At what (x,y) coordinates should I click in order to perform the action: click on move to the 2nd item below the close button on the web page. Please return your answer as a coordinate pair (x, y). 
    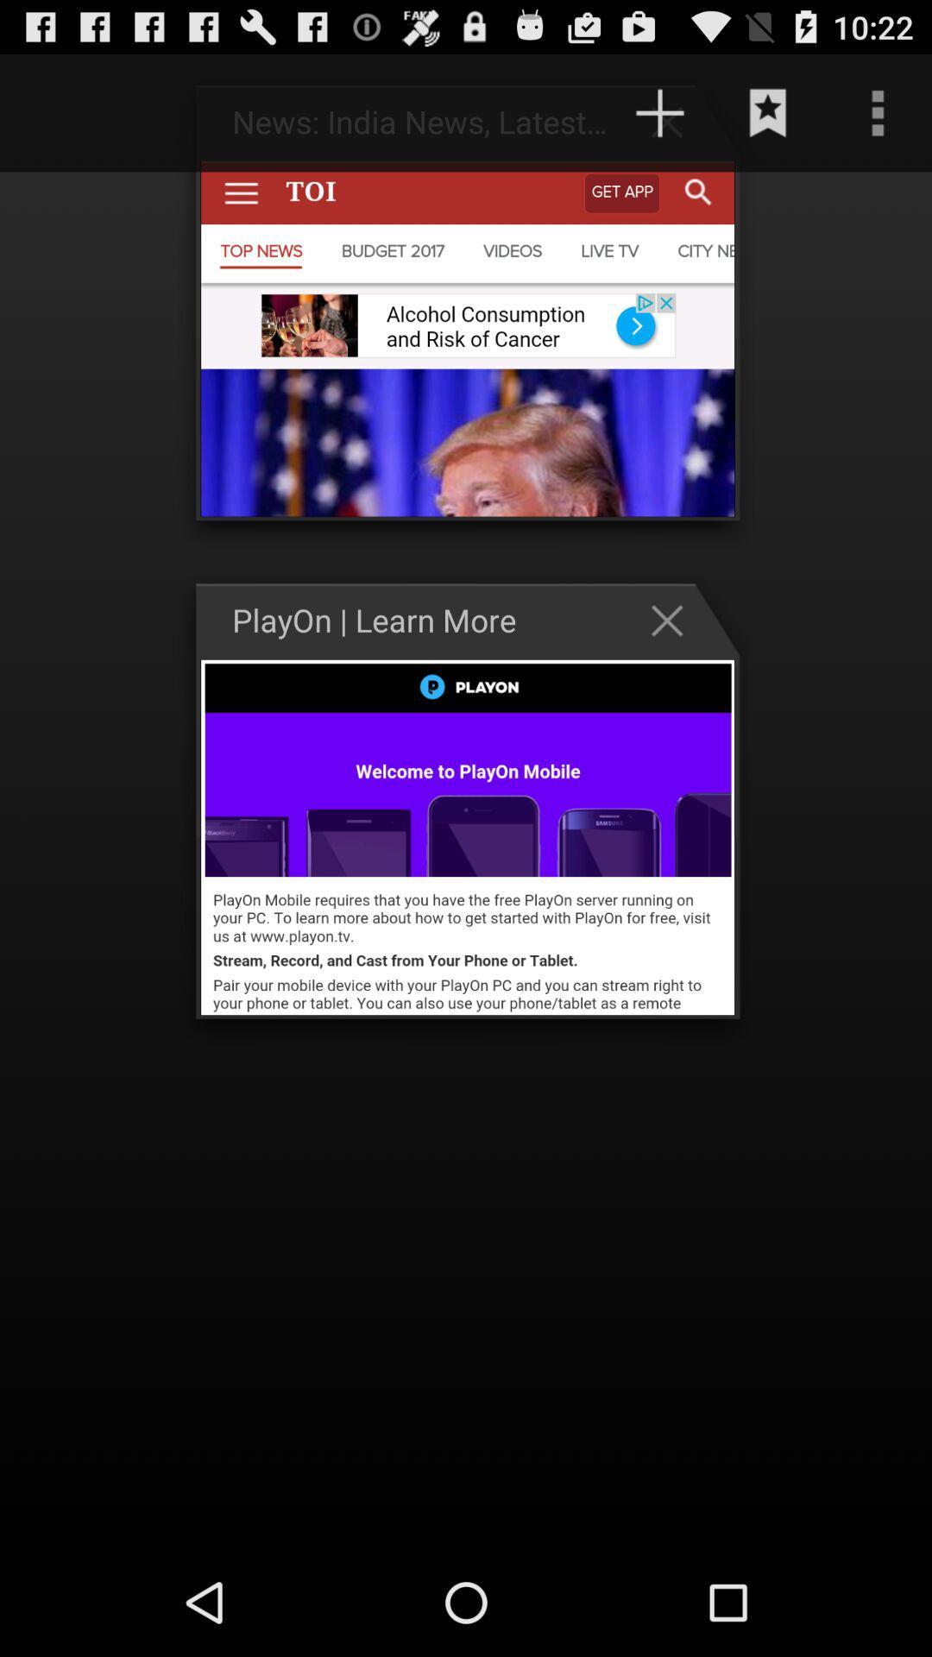
    Looking at the image, I should click on (468, 837).